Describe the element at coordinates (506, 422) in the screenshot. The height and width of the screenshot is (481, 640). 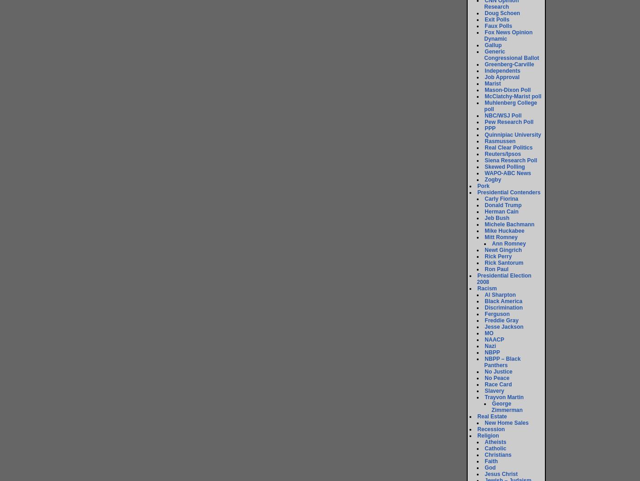
I see `'New Home Sales'` at that location.